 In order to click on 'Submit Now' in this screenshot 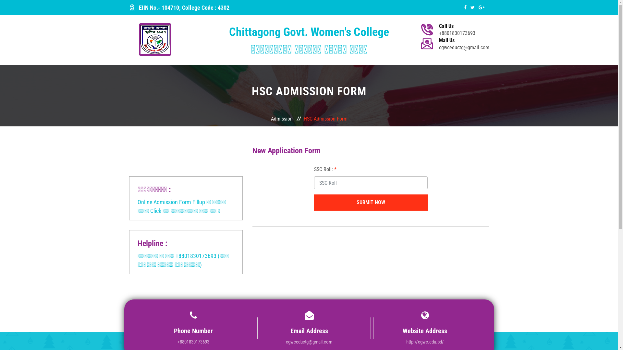, I will do `click(371, 202)`.